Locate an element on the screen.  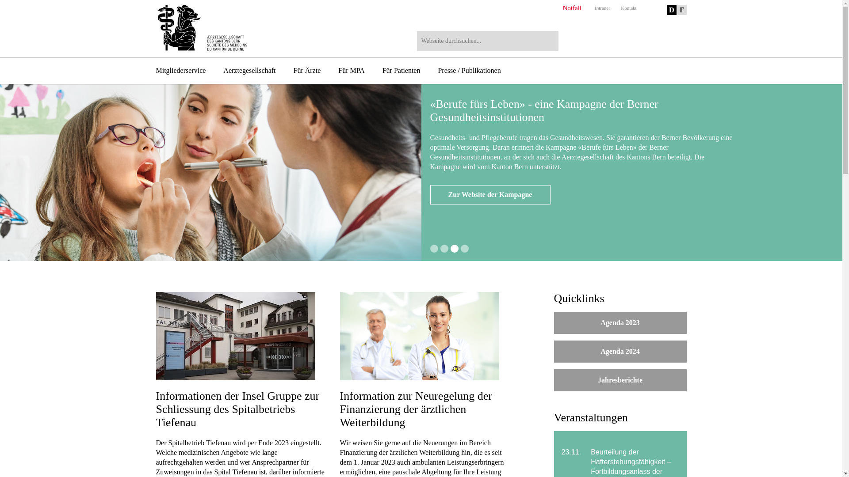
'Intranet' is located at coordinates (594, 8).